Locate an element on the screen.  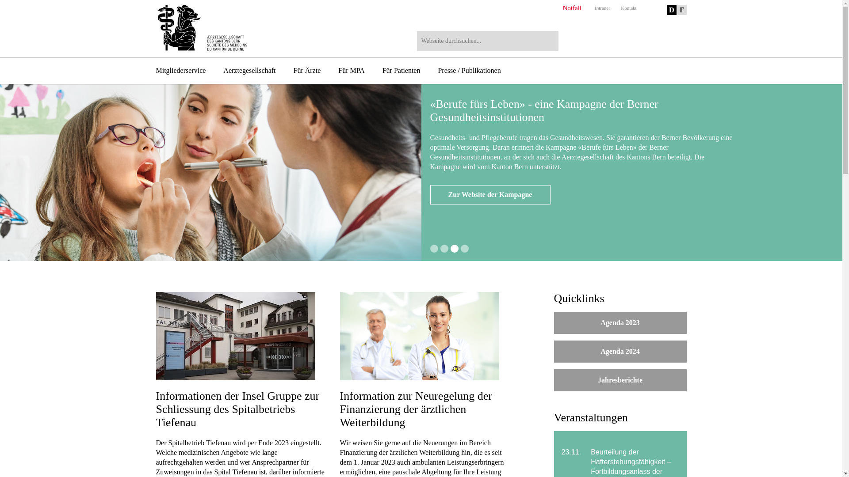
'Intranet' is located at coordinates (594, 8).